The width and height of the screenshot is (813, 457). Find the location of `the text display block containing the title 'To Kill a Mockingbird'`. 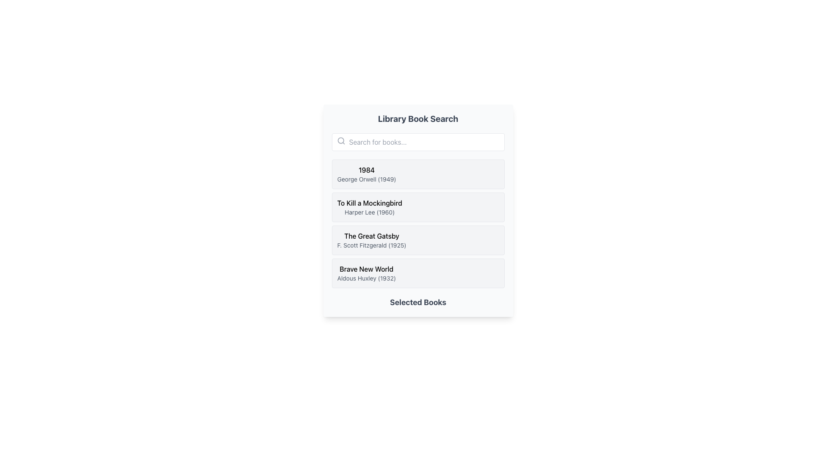

the text display block containing the title 'To Kill a Mockingbird' is located at coordinates (370, 207).